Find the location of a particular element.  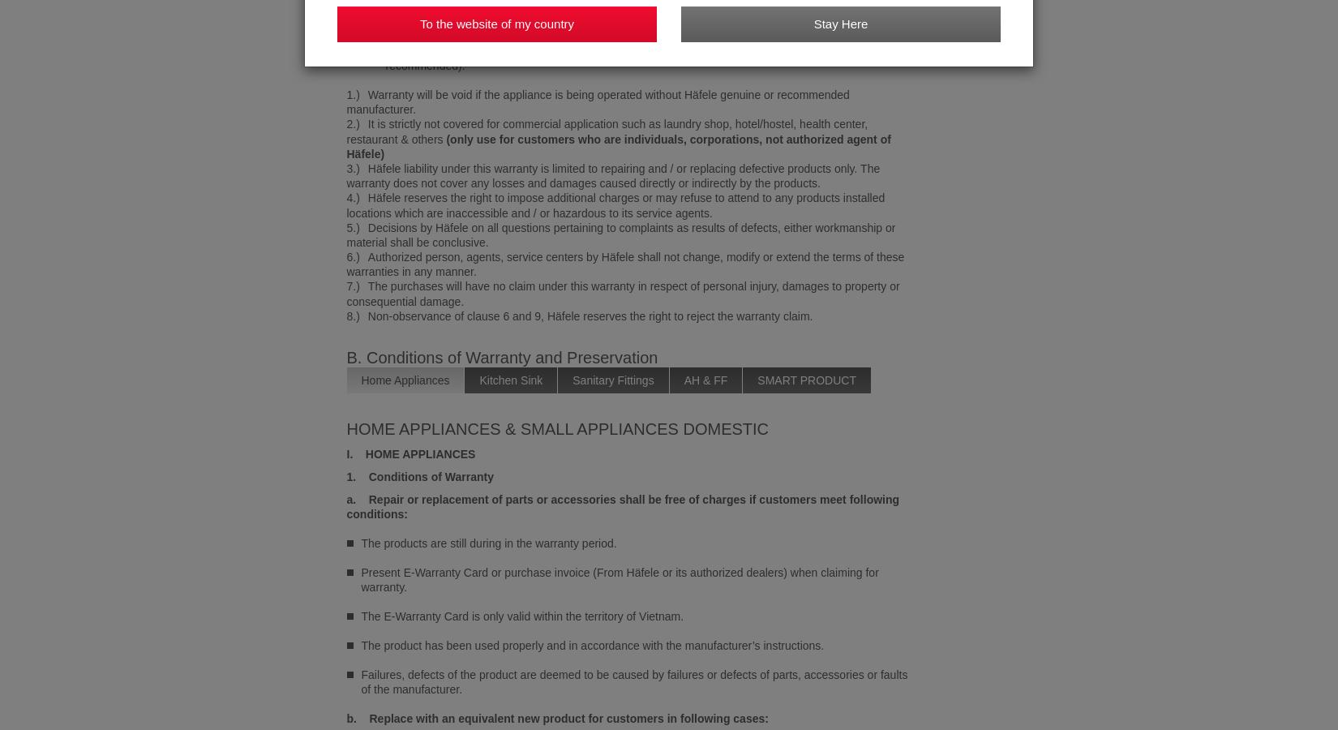

'Häfele liability under this warranty is limited to repairing and / or replacing defective products only. The warranty does not cover any losses and damages caused directly or indirectly by the products.' is located at coordinates (612, 175).